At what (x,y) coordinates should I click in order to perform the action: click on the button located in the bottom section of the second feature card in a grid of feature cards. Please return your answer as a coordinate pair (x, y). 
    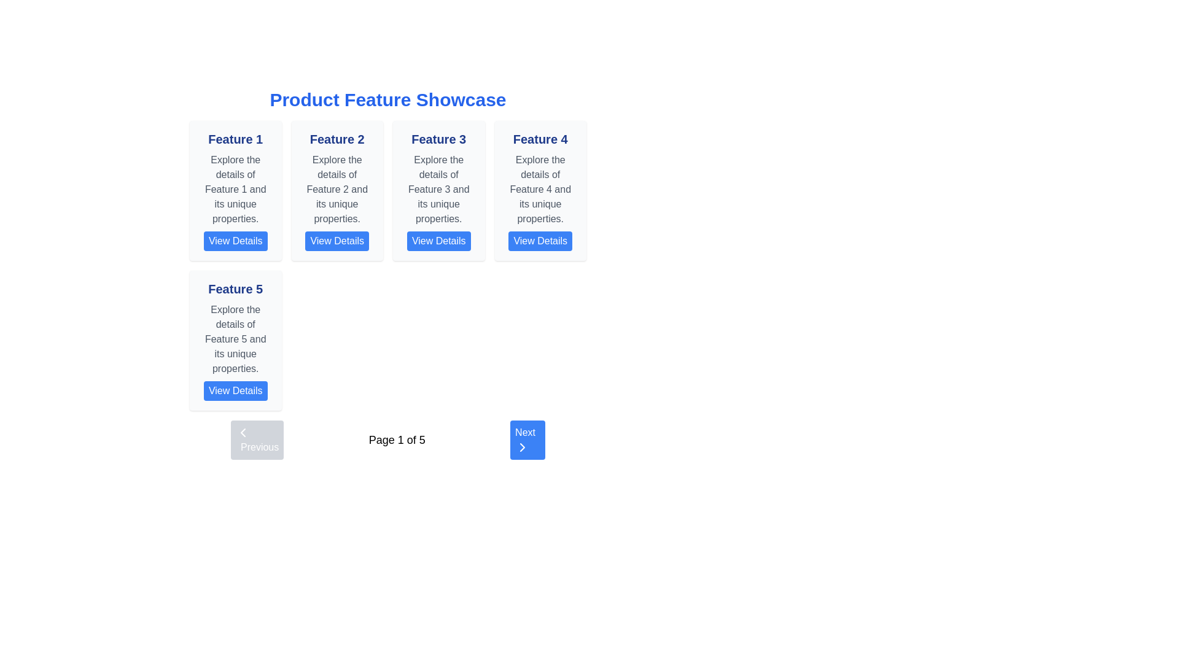
    Looking at the image, I should click on (337, 241).